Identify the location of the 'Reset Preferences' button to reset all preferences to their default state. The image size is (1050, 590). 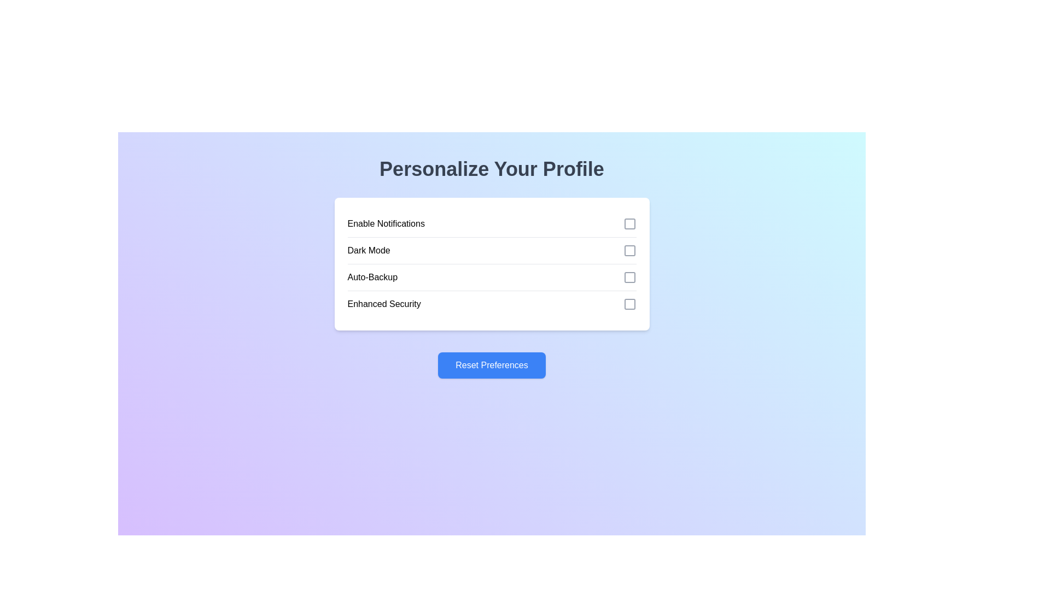
(491, 365).